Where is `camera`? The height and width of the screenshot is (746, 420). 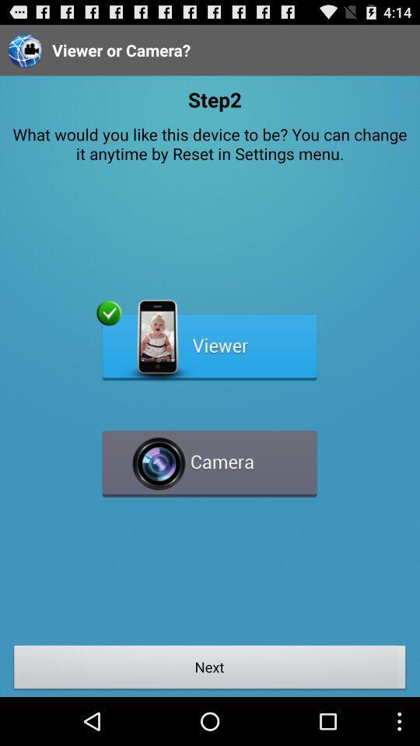
camera is located at coordinates (209, 457).